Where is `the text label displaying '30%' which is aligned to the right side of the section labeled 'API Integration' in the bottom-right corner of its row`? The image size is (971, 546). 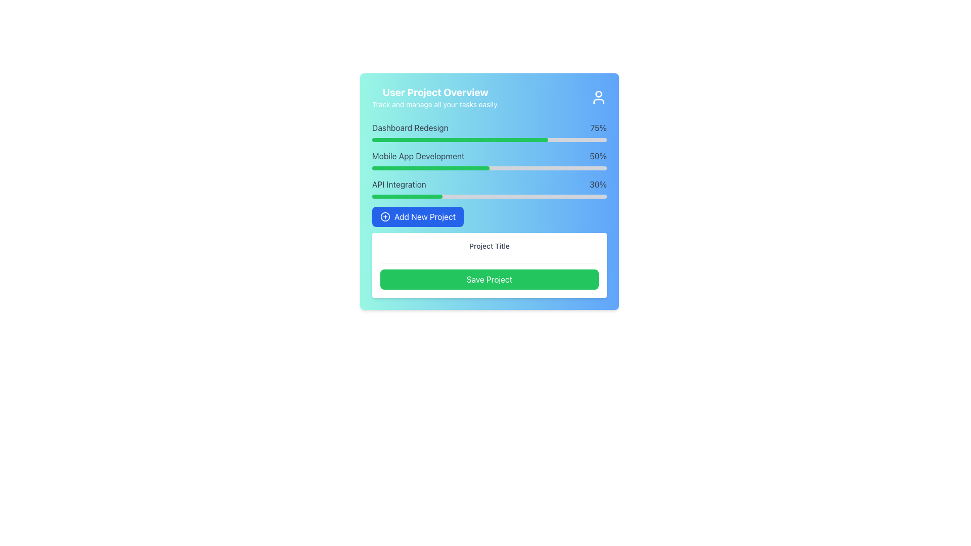 the text label displaying '30%' which is aligned to the right side of the section labeled 'API Integration' in the bottom-right corner of its row is located at coordinates (598, 185).